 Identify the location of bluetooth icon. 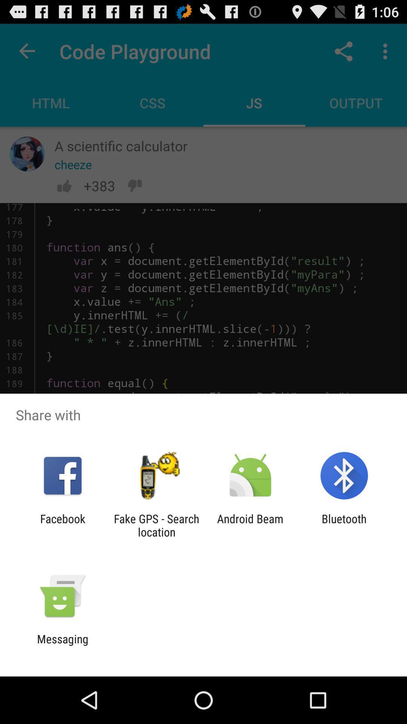
(344, 525).